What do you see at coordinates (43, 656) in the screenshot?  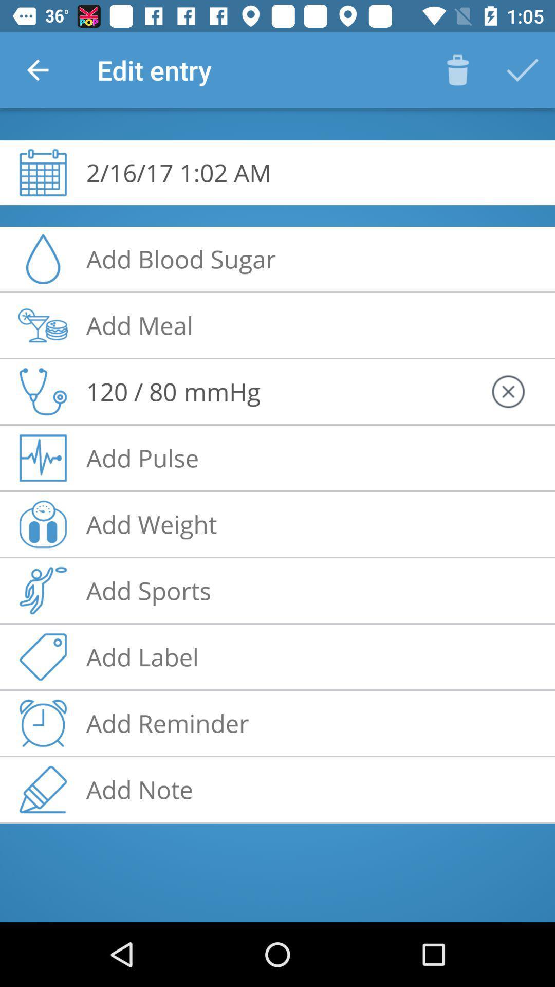 I see `the icon beside add label` at bounding box center [43, 656].